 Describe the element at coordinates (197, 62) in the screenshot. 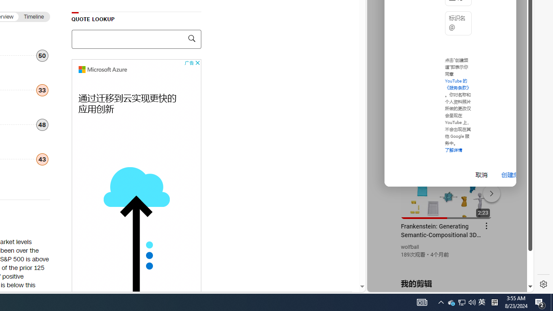

I see `'AutomationID: cbb'` at that location.